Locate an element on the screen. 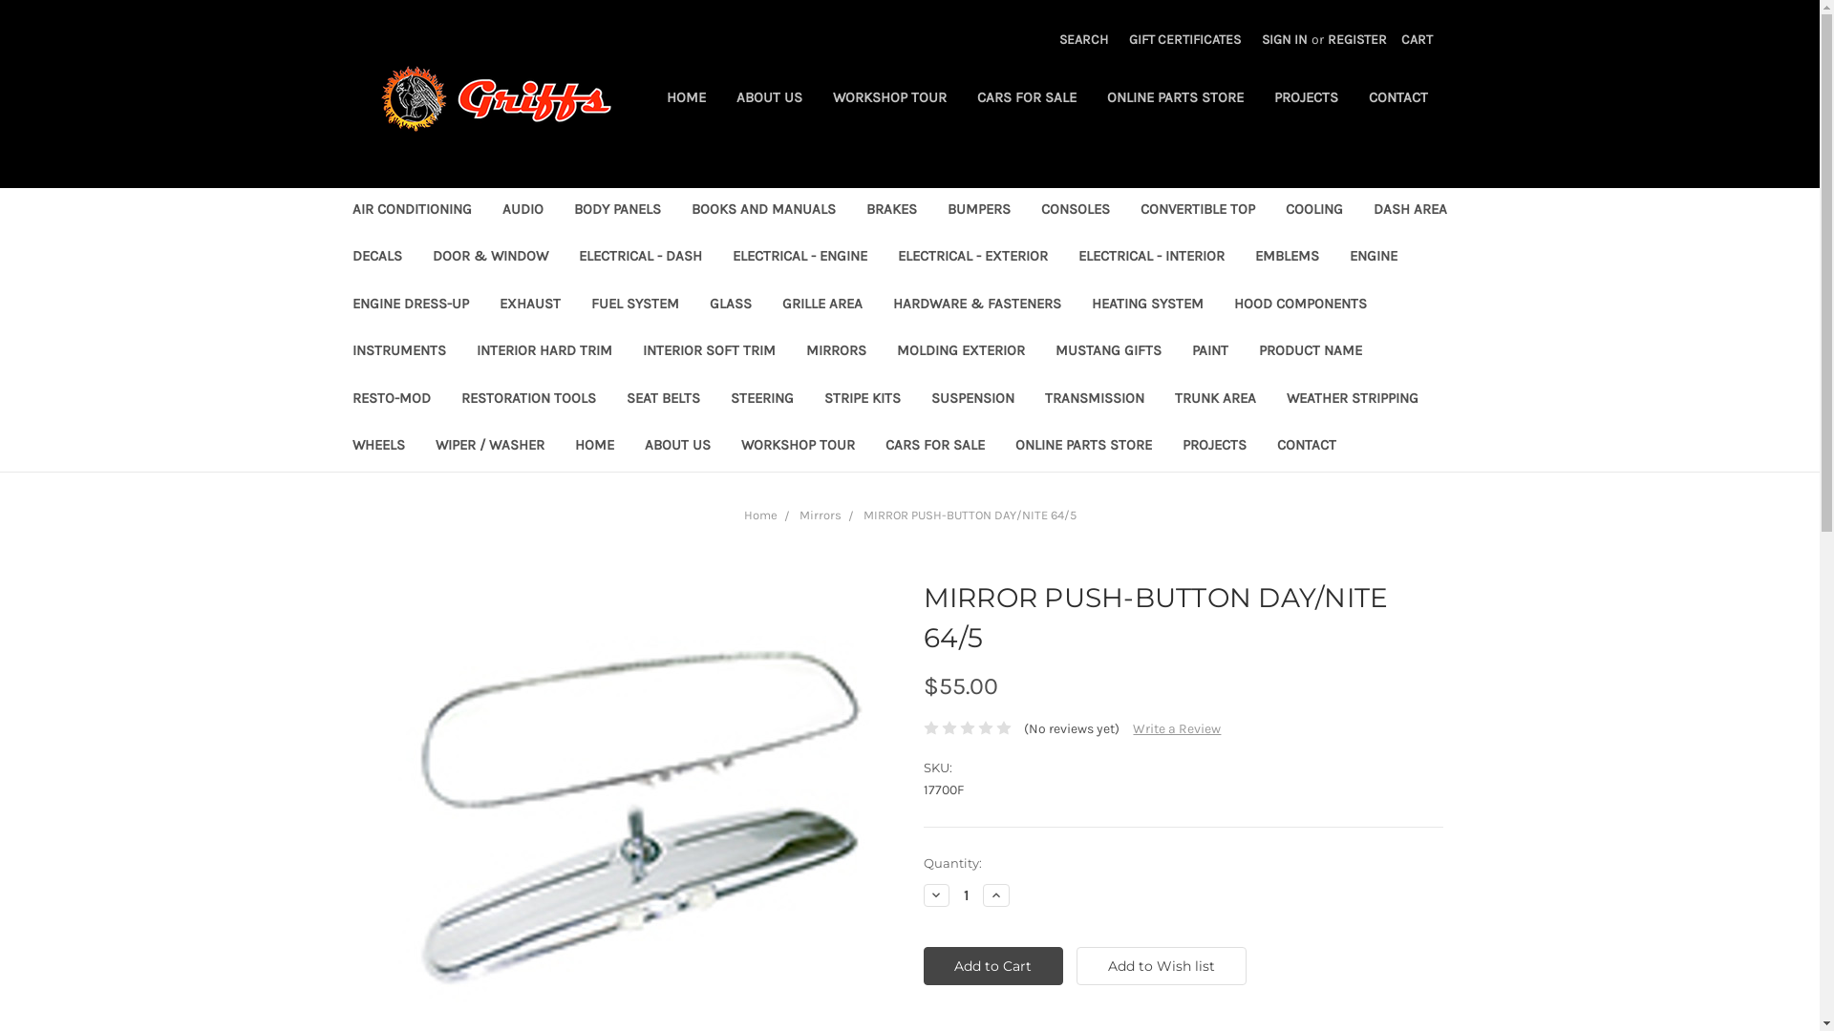 This screenshot has height=1031, width=1834. 'INSTRUMENTS' is located at coordinates (397, 352).